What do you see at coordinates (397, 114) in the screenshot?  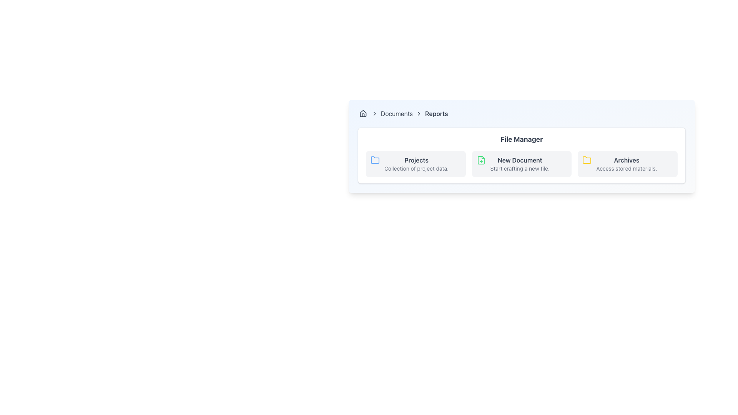 I see `the hyperlink labeled 'Documents' located in the breadcrumb navigation bar, which is the second interactive item positioned between a house icon and the 'Reports' text` at bounding box center [397, 114].